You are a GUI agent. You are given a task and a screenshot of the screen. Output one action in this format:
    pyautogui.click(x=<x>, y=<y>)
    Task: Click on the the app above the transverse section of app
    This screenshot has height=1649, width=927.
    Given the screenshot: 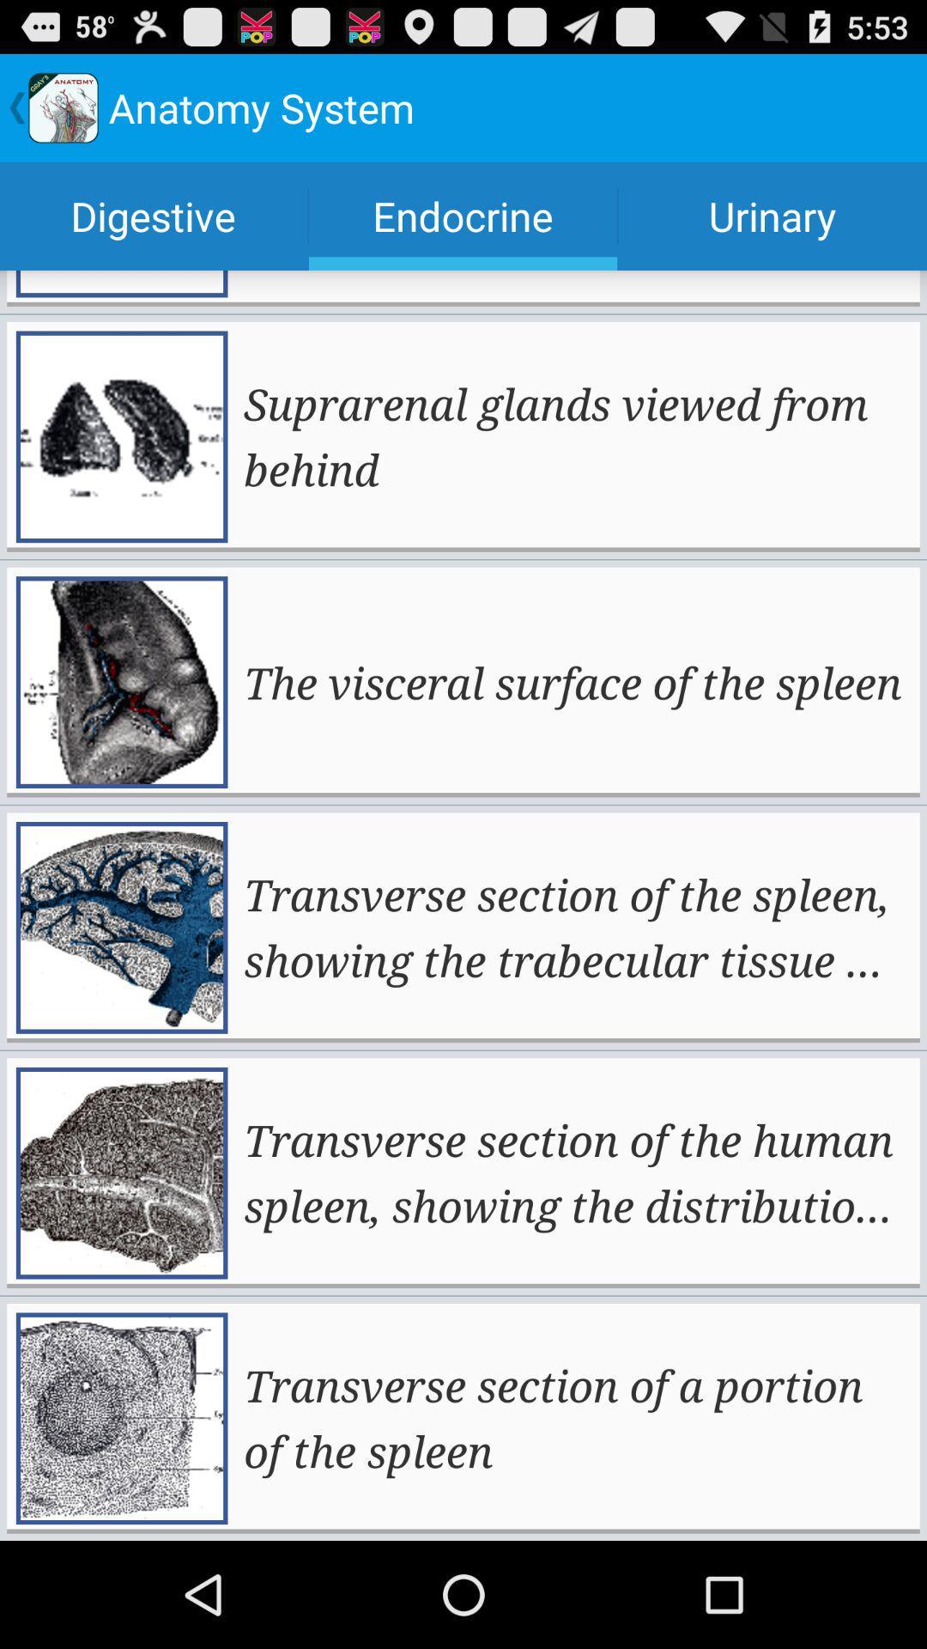 What is the action you would take?
    pyautogui.click(x=573, y=681)
    